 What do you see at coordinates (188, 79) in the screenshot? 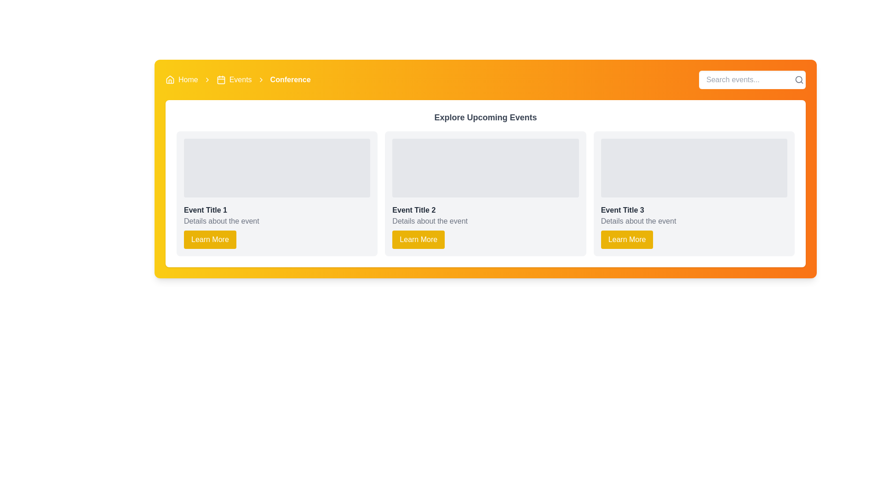
I see `the 'Home' clickable text link located in the breadcrumb navigation at the top-left corner of the page` at bounding box center [188, 79].